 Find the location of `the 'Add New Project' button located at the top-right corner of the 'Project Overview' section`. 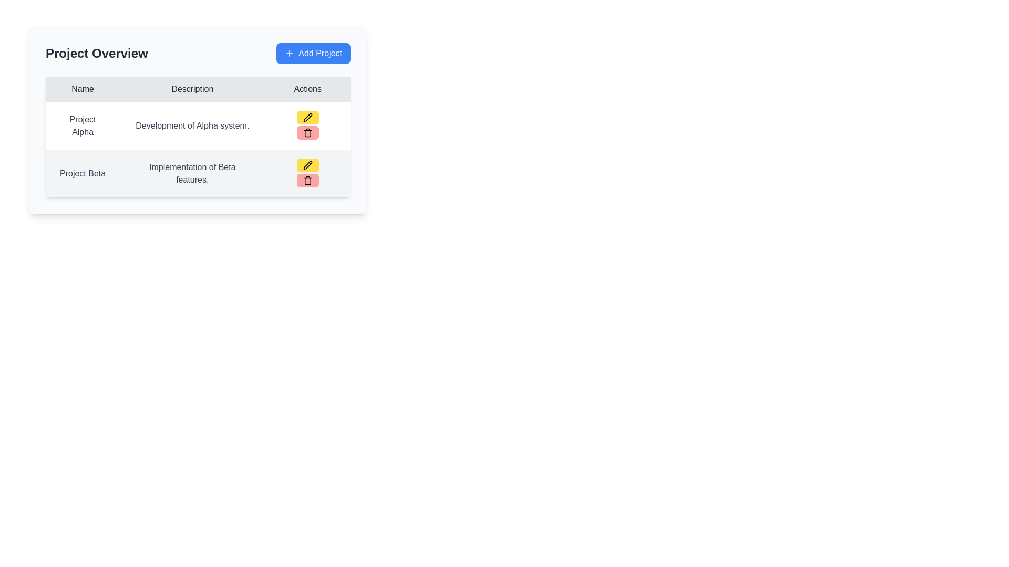

the 'Add New Project' button located at the top-right corner of the 'Project Overview' section is located at coordinates (313, 53).